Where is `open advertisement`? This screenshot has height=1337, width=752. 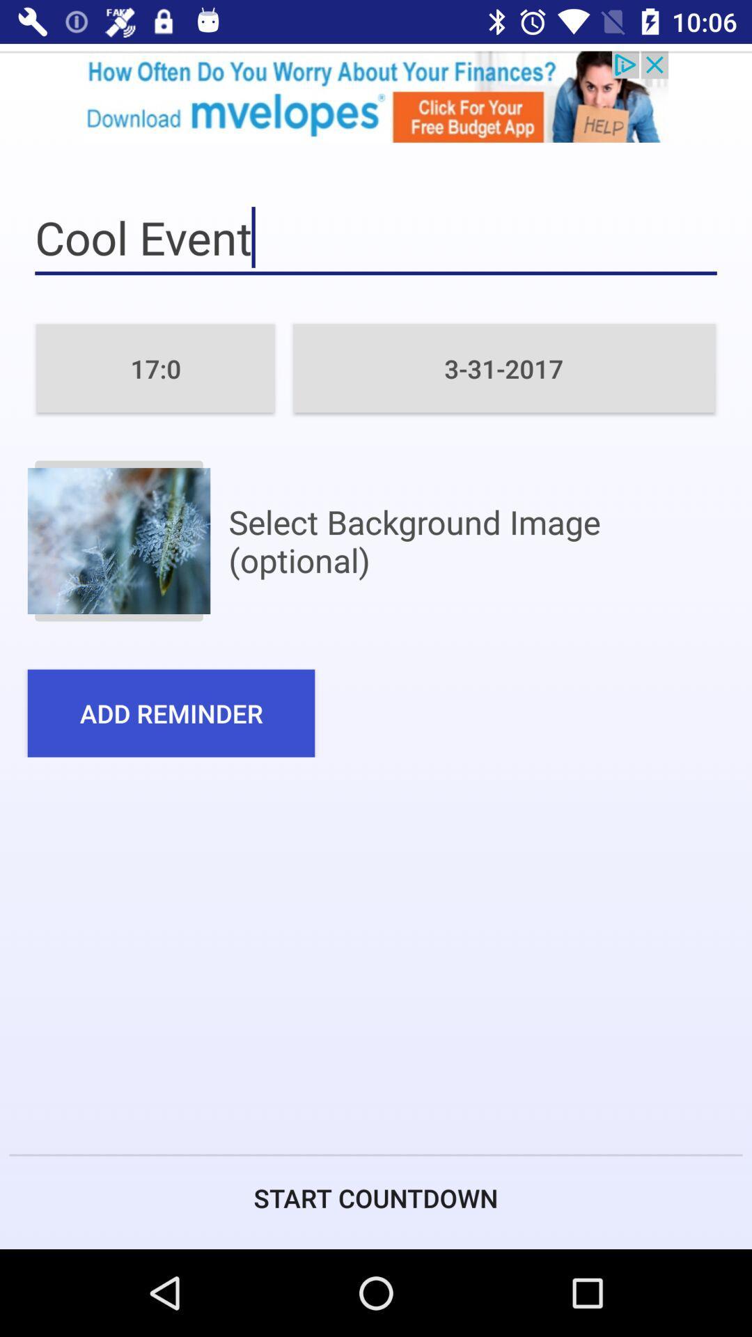 open advertisement is located at coordinates (376, 96).